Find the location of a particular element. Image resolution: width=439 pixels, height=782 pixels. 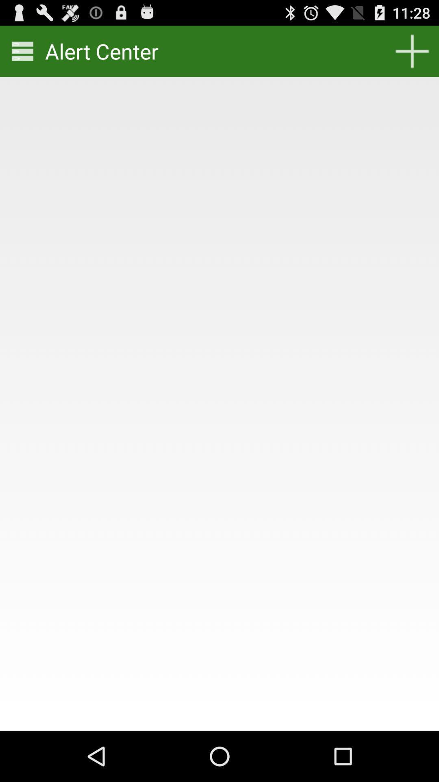

icon at the center is located at coordinates (219, 412).